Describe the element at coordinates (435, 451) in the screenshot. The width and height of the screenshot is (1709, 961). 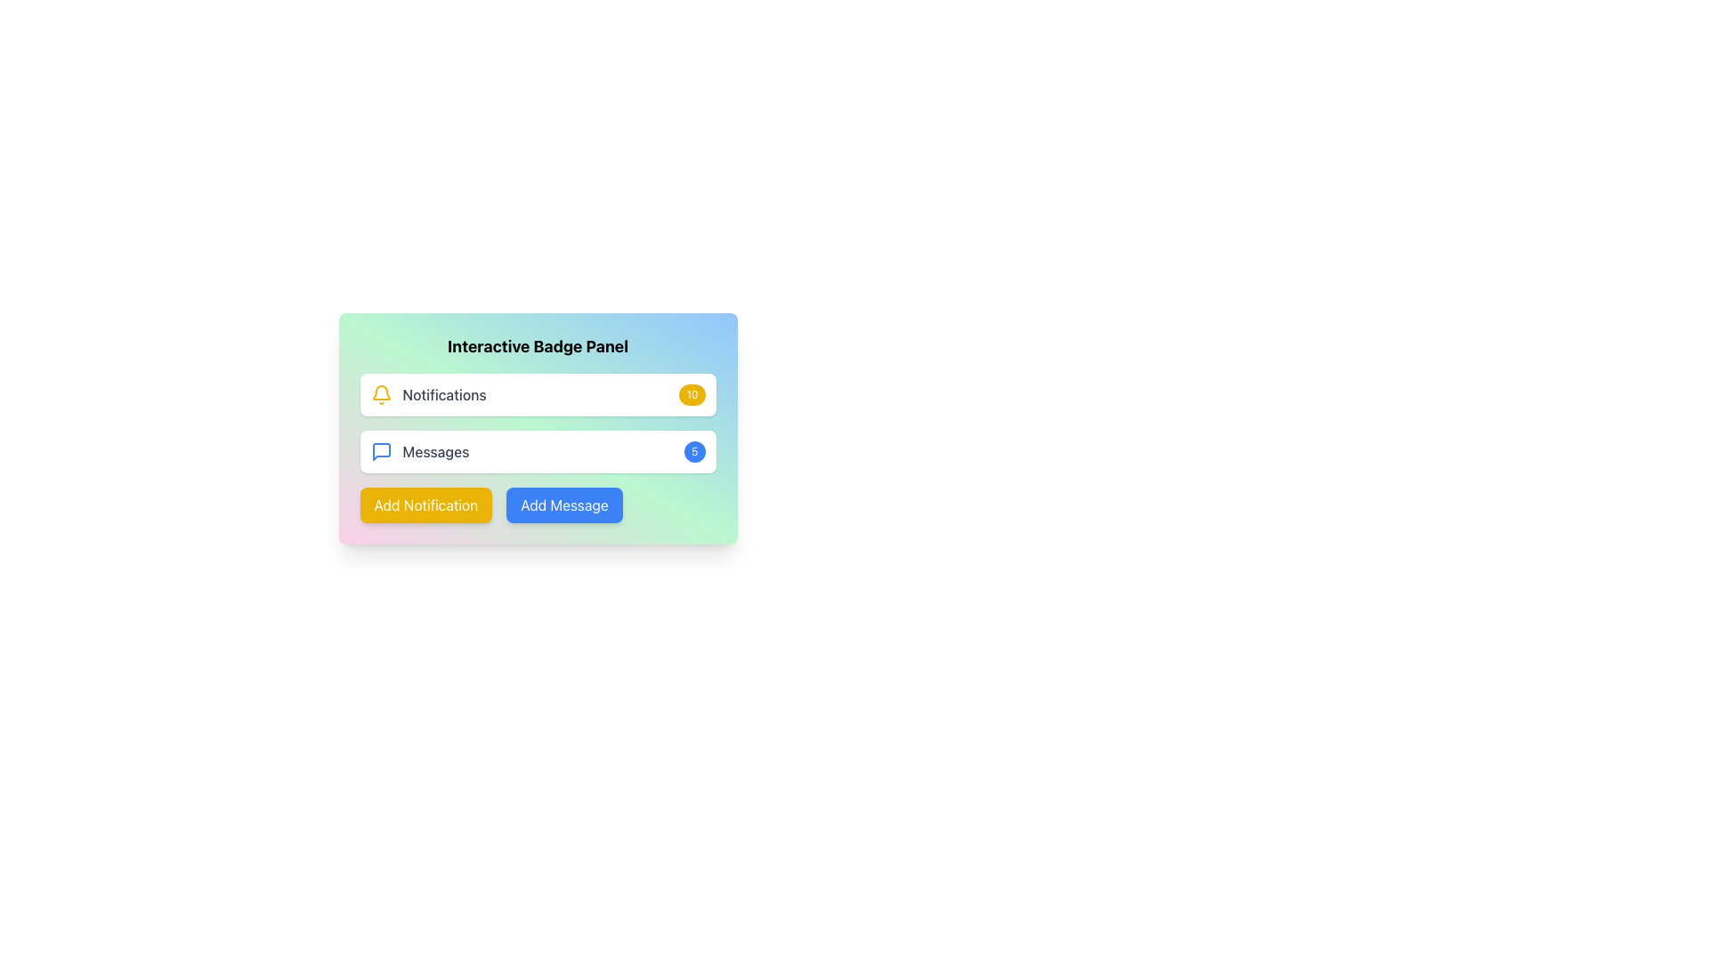
I see `the text label displaying 'Messages' which is situated to the right of a speech bubble icon in the Interactive Badge Panel` at that location.